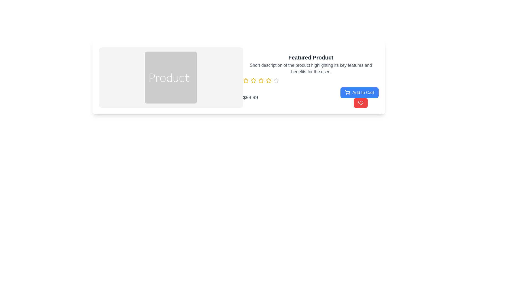 The image size is (520, 292). I want to click on the gray star icon styled with light gray strokes, which is the fifth star icon in a horizontal row, positioned slightly above the product price, so click(276, 81).